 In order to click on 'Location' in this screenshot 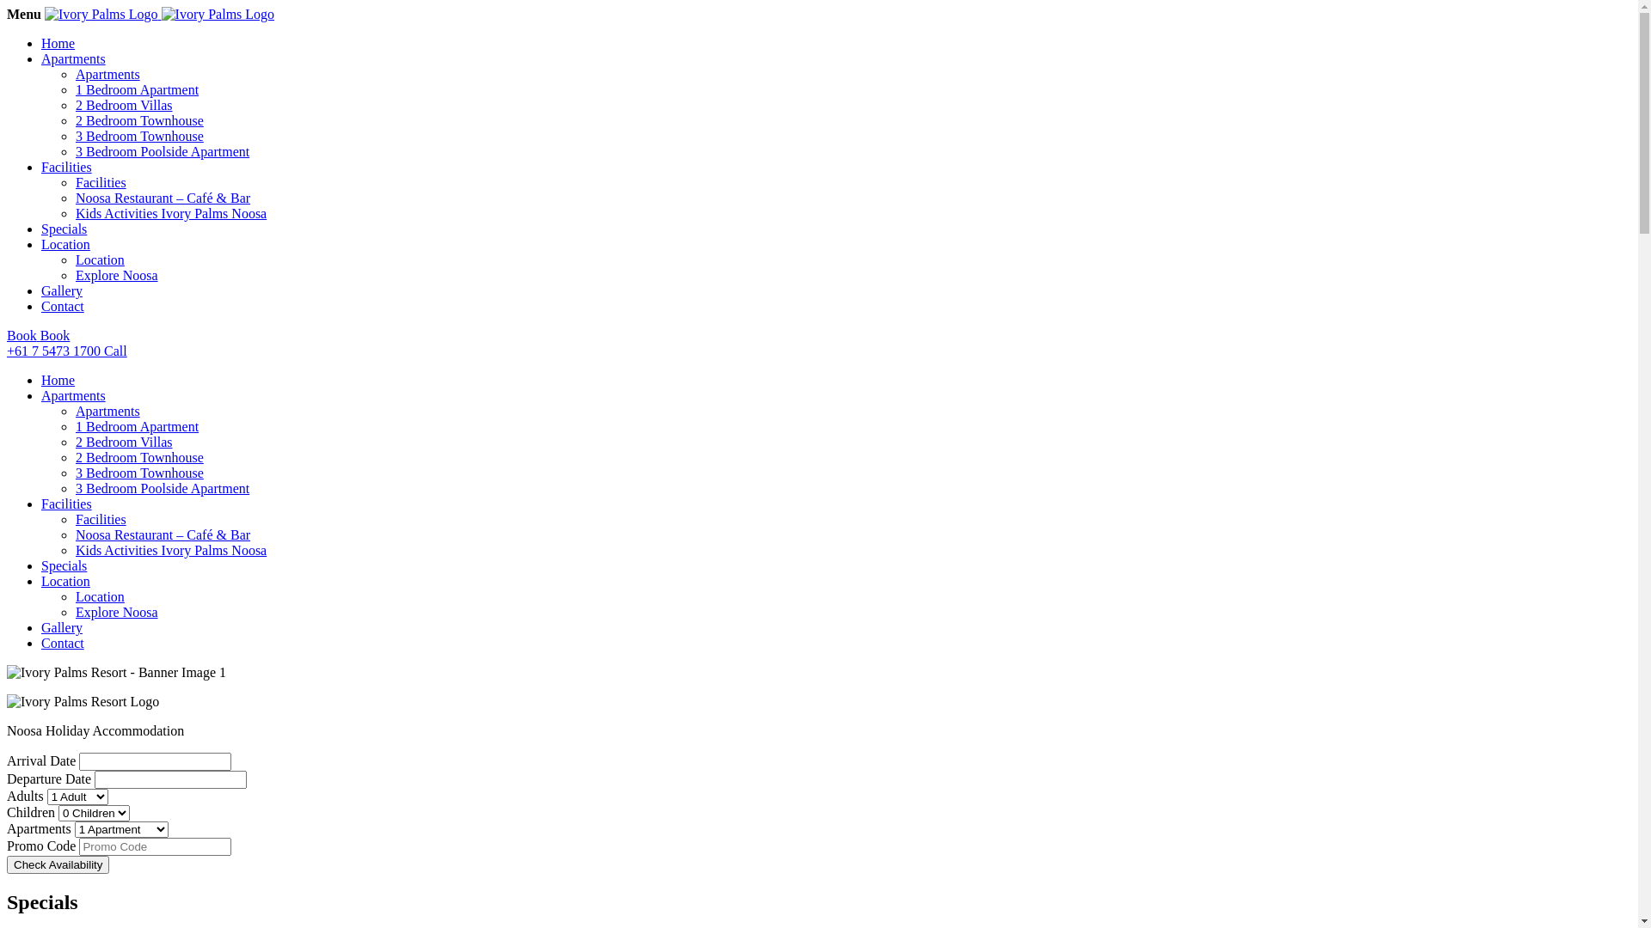, I will do `click(74, 595)`.